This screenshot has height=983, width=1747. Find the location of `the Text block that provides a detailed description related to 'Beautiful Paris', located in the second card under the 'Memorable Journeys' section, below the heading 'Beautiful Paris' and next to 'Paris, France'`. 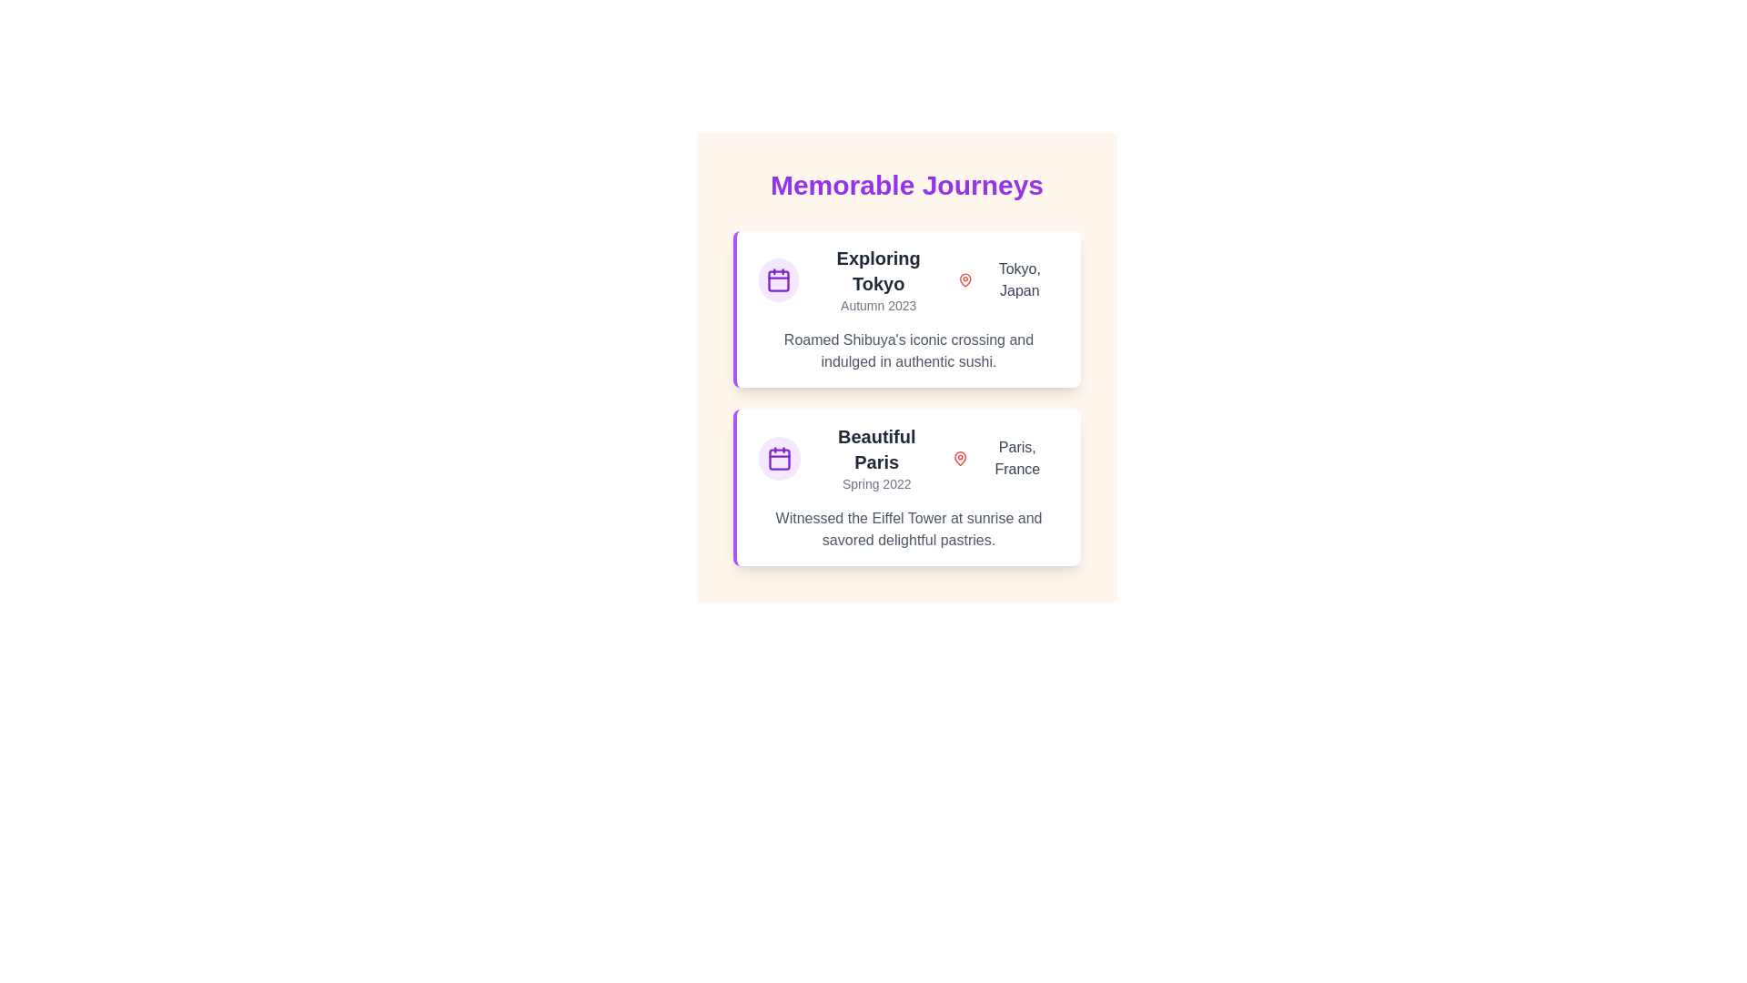

the Text block that provides a detailed description related to 'Beautiful Paris', located in the second card under the 'Memorable Journeys' section, below the heading 'Beautiful Paris' and next to 'Paris, France' is located at coordinates (908, 530).